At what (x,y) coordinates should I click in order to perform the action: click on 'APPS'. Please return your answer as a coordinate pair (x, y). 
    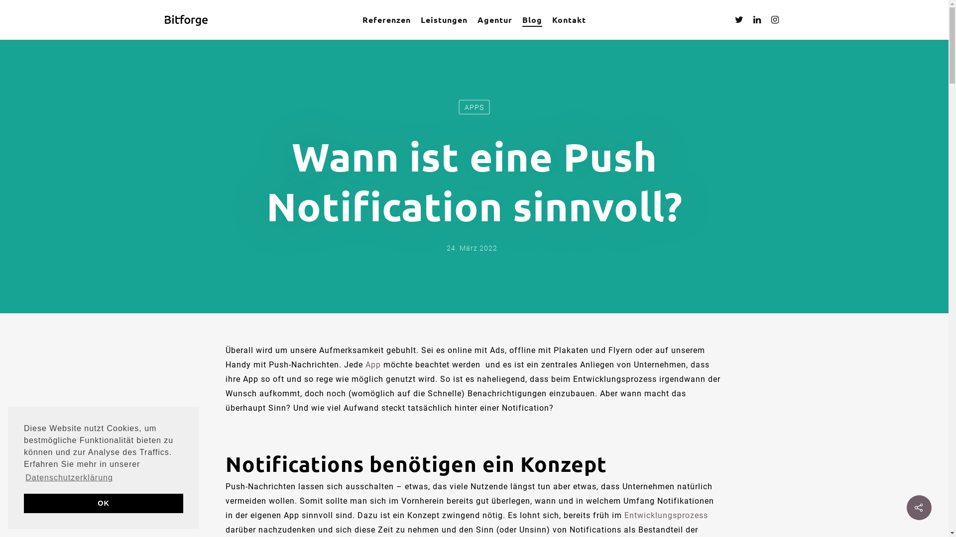
    Looking at the image, I should click on (473, 107).